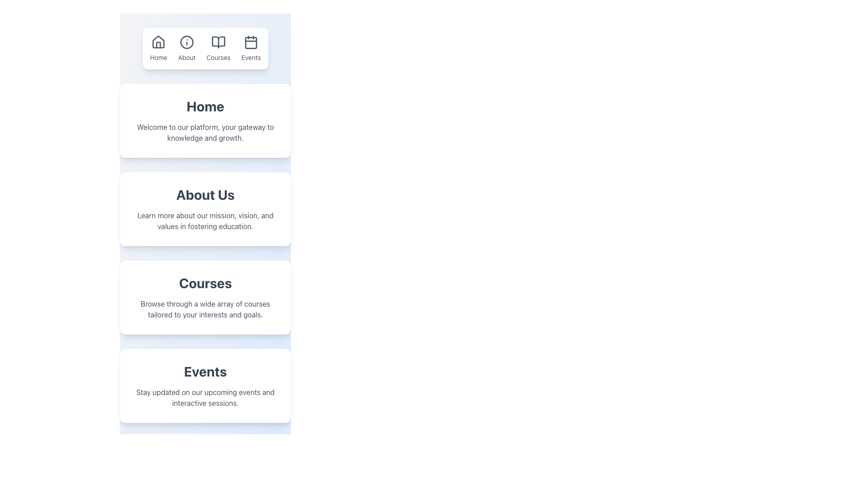  Describe the element at coordinates (186, 57) in the screenshot. I see `the 'About' label in the menu bar, which is located to the right of the 'Home' section and to the left of the 'Courses' section` at that location.